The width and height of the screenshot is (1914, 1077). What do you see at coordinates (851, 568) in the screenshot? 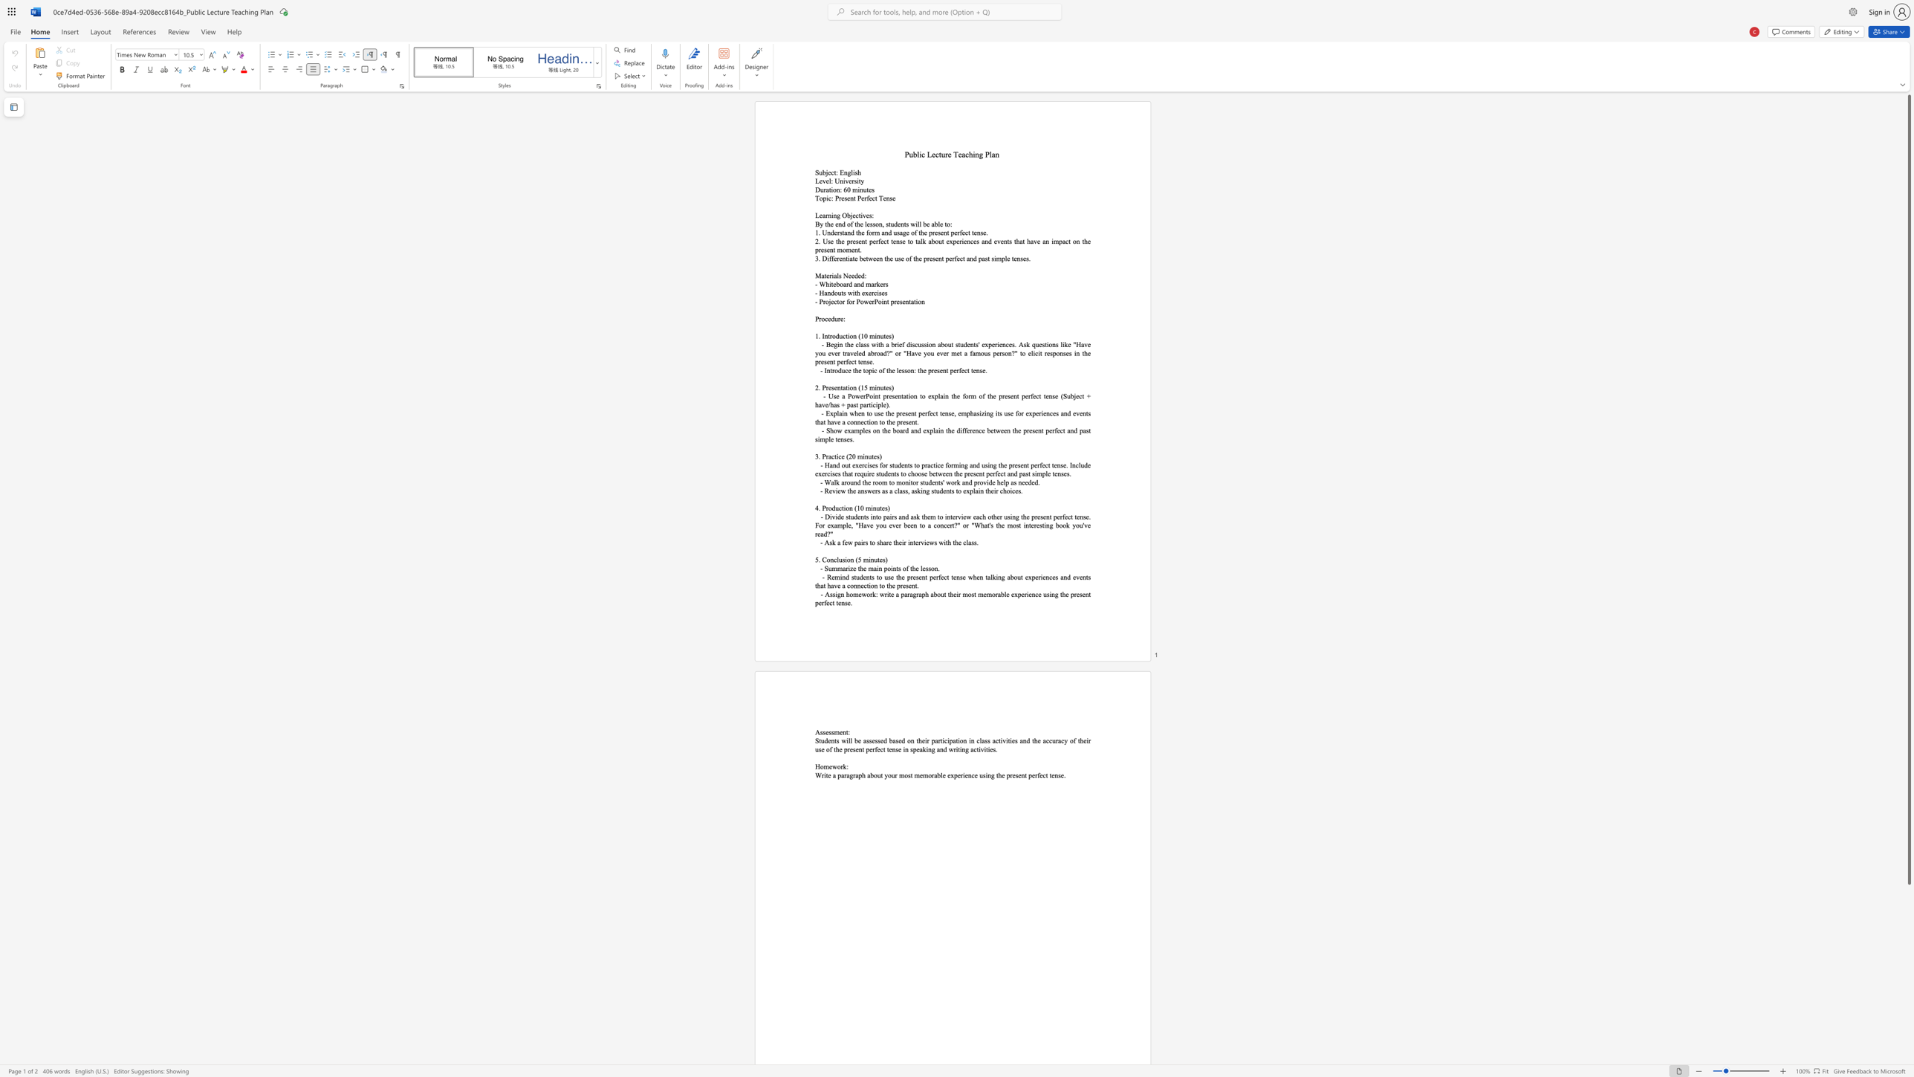
I see `the 1th character "z" in the text` at bounding box center [851, 568].